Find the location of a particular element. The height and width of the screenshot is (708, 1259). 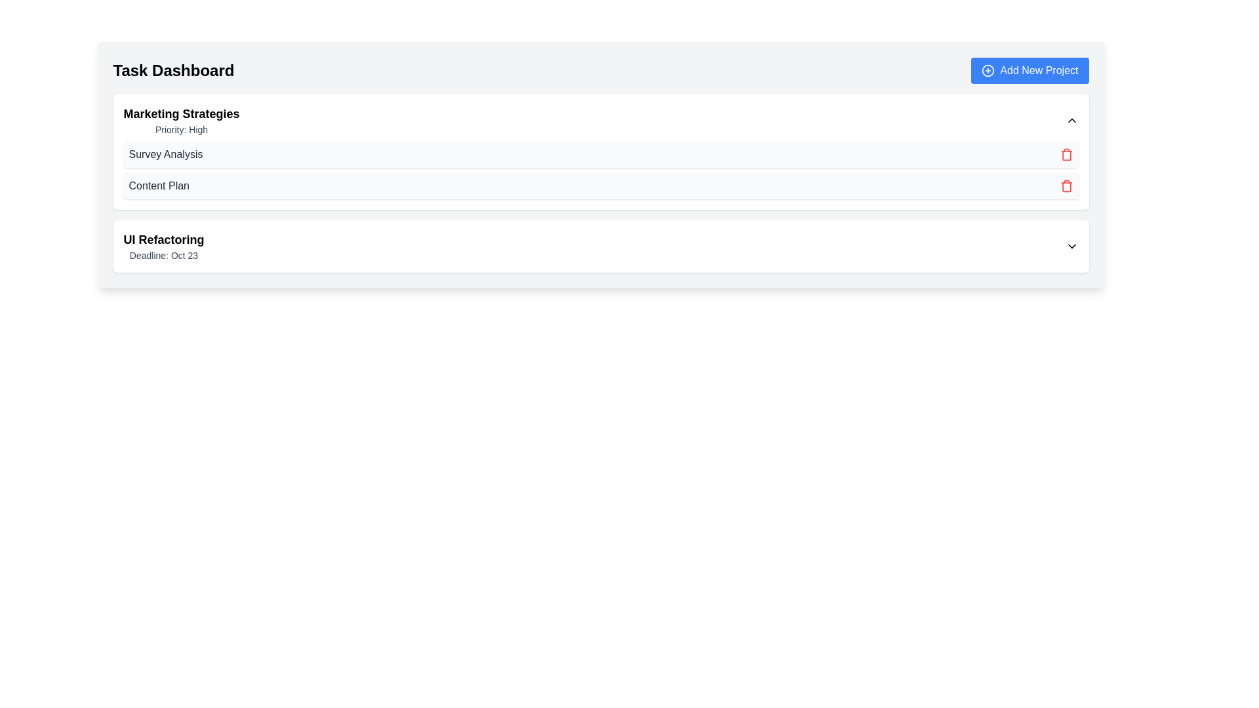

the Header text element that indicates the title or header of the current interface, positioned to the left of the 'Add New Project' button is located at coordinates (172, 71).